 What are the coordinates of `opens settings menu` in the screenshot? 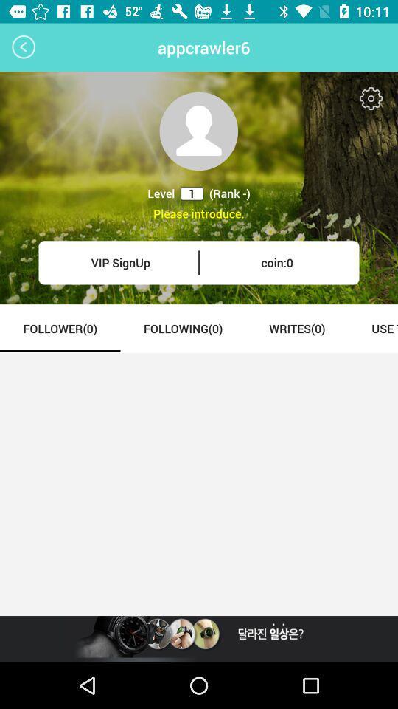 It's located at (370, 97).